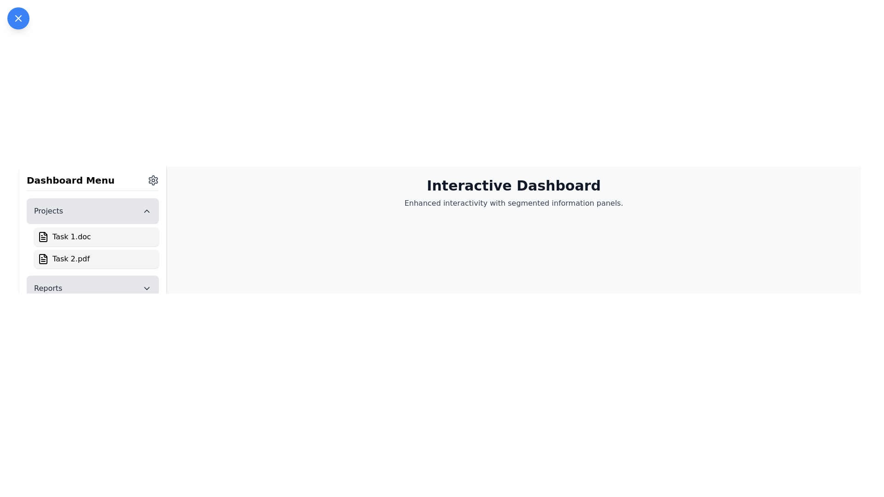  What do you see at coordinates (93, 288) in the screenshot?
I see `the text or icon of the collapsible menu item located below 'Projects' in the left-side menu, which toggles the visibility of nested items related to 'Reports'` at bounding box center [93, 288].